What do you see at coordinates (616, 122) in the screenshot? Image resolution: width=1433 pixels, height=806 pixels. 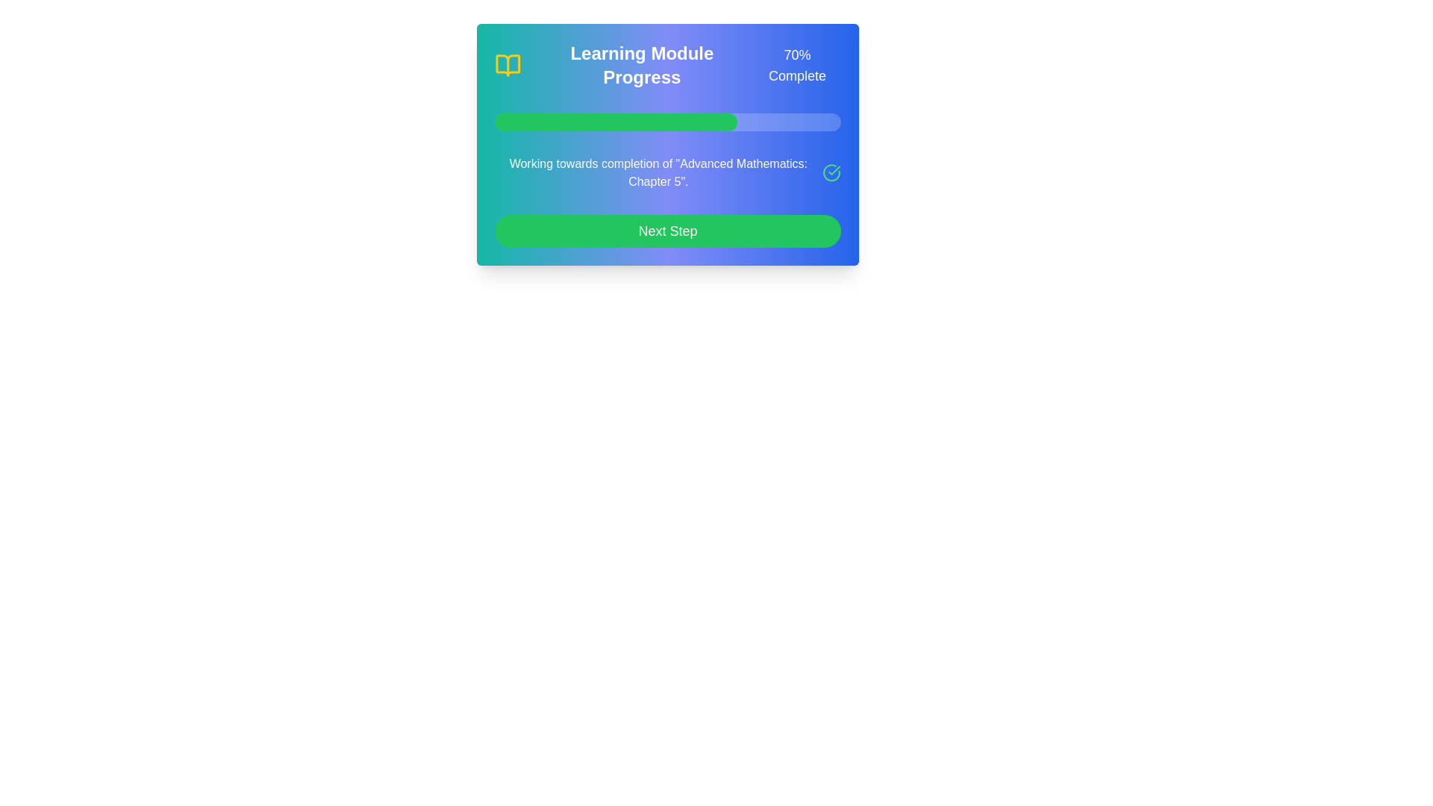 I see `the progress represented by the filled portion of the progress bar, which is a green horizontally elongated rectangle indicating 70% completion, located under the 'Learning Module Progress' text` at bounding box center [616, 122].